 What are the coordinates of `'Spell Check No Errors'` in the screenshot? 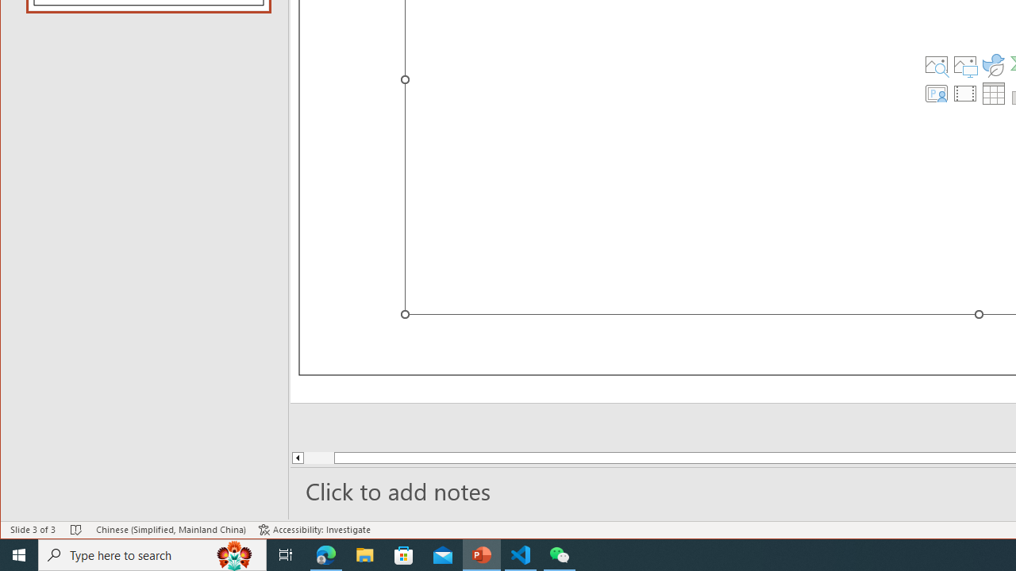 It's located at (75, 530).